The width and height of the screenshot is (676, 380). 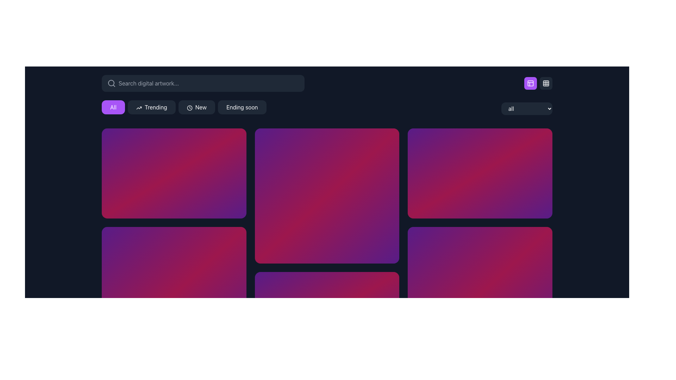 I want to click on the interactive card representing digital artwork located in the third column of the third row within a grid system, so click(x=480, y=294).